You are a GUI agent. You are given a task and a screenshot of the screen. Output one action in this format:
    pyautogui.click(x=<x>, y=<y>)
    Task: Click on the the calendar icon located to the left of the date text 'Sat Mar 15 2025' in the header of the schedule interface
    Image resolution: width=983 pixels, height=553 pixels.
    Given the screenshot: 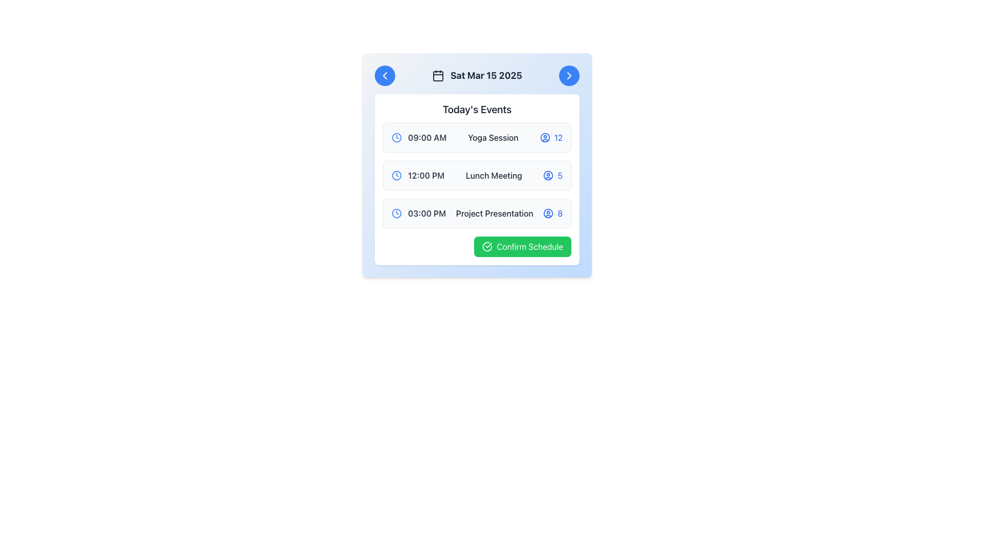 What is the action you would take?
    pyautogui.click(x=438, y=75)
    